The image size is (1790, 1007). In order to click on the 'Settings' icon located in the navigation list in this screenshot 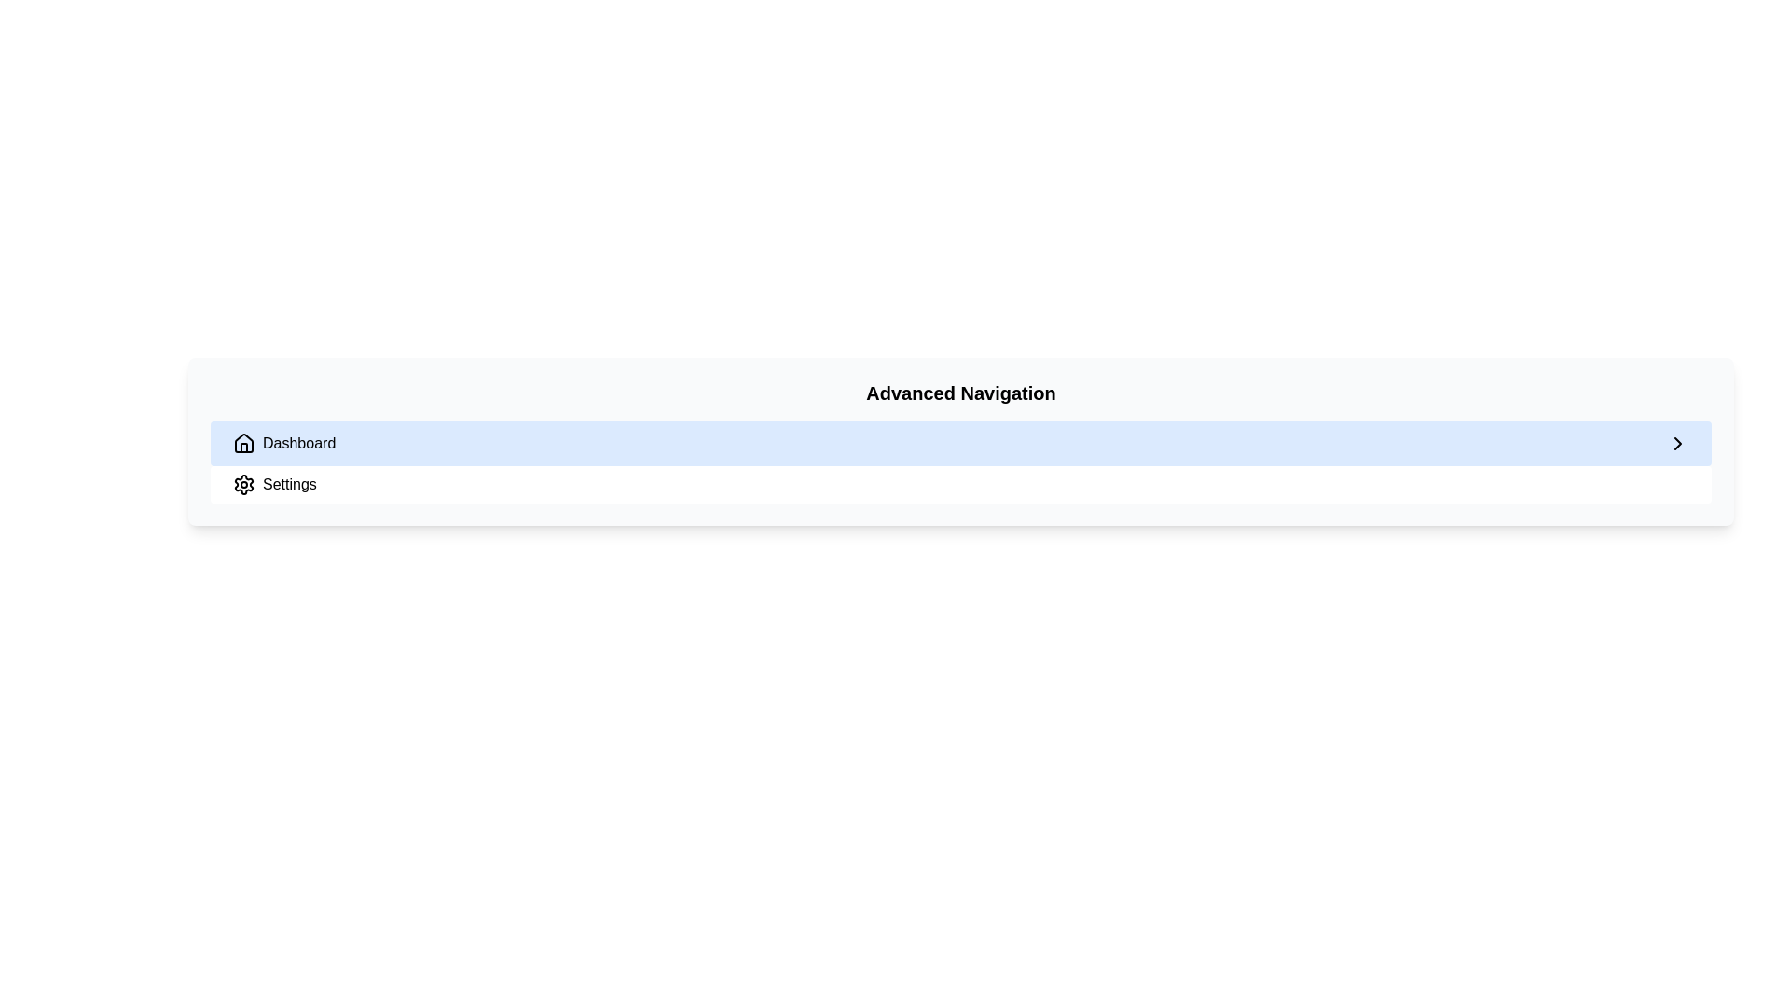, I will do `click(243, 484)`.